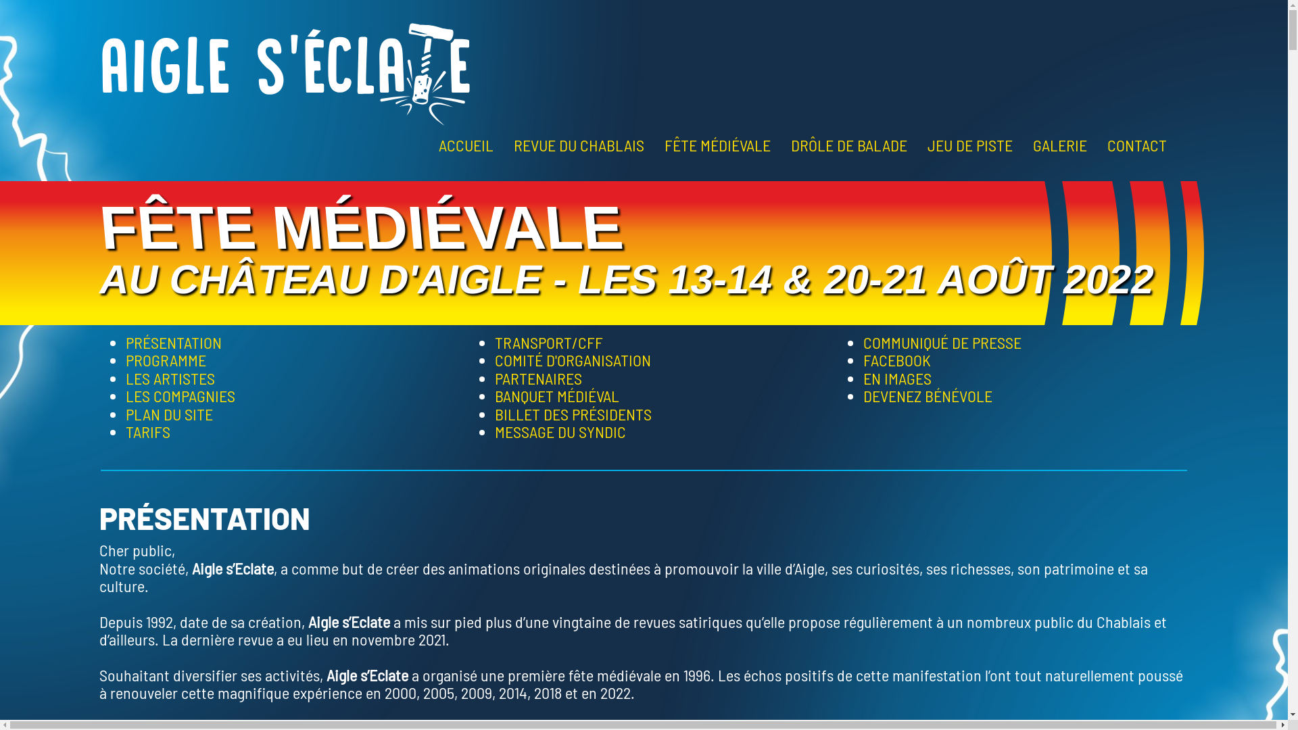 The width and height of the screenshot is (1298, 730). I want to click on 'PROGRAMME', so click(126, 359).